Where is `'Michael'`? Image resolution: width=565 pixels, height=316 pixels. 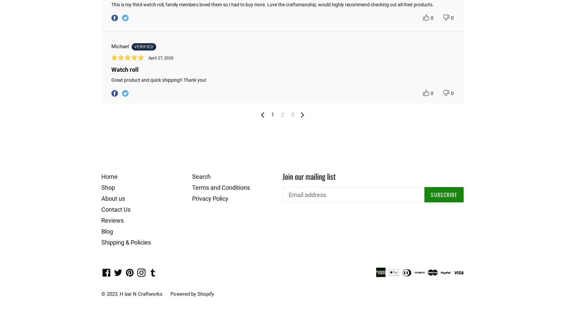
'Michael' is located at coordinates (120, 46).